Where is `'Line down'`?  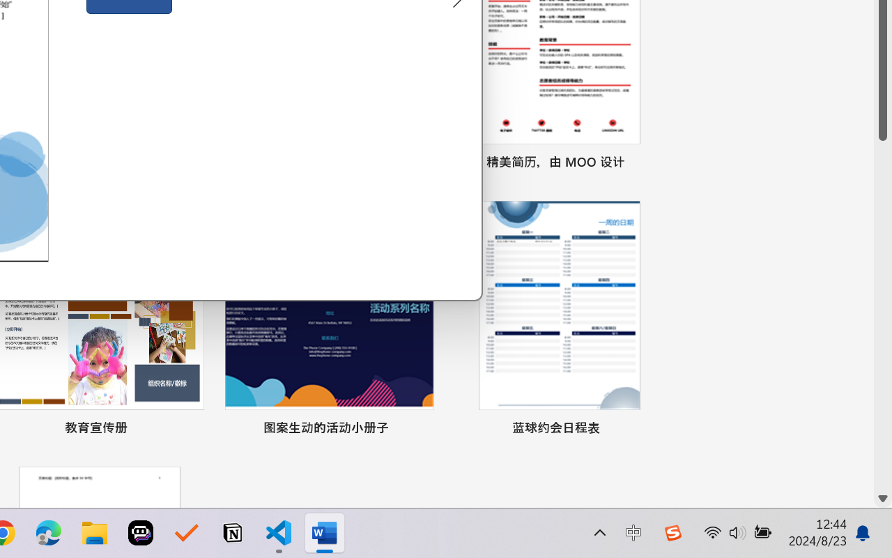 'Line down' is located at coordinates (882, 498).